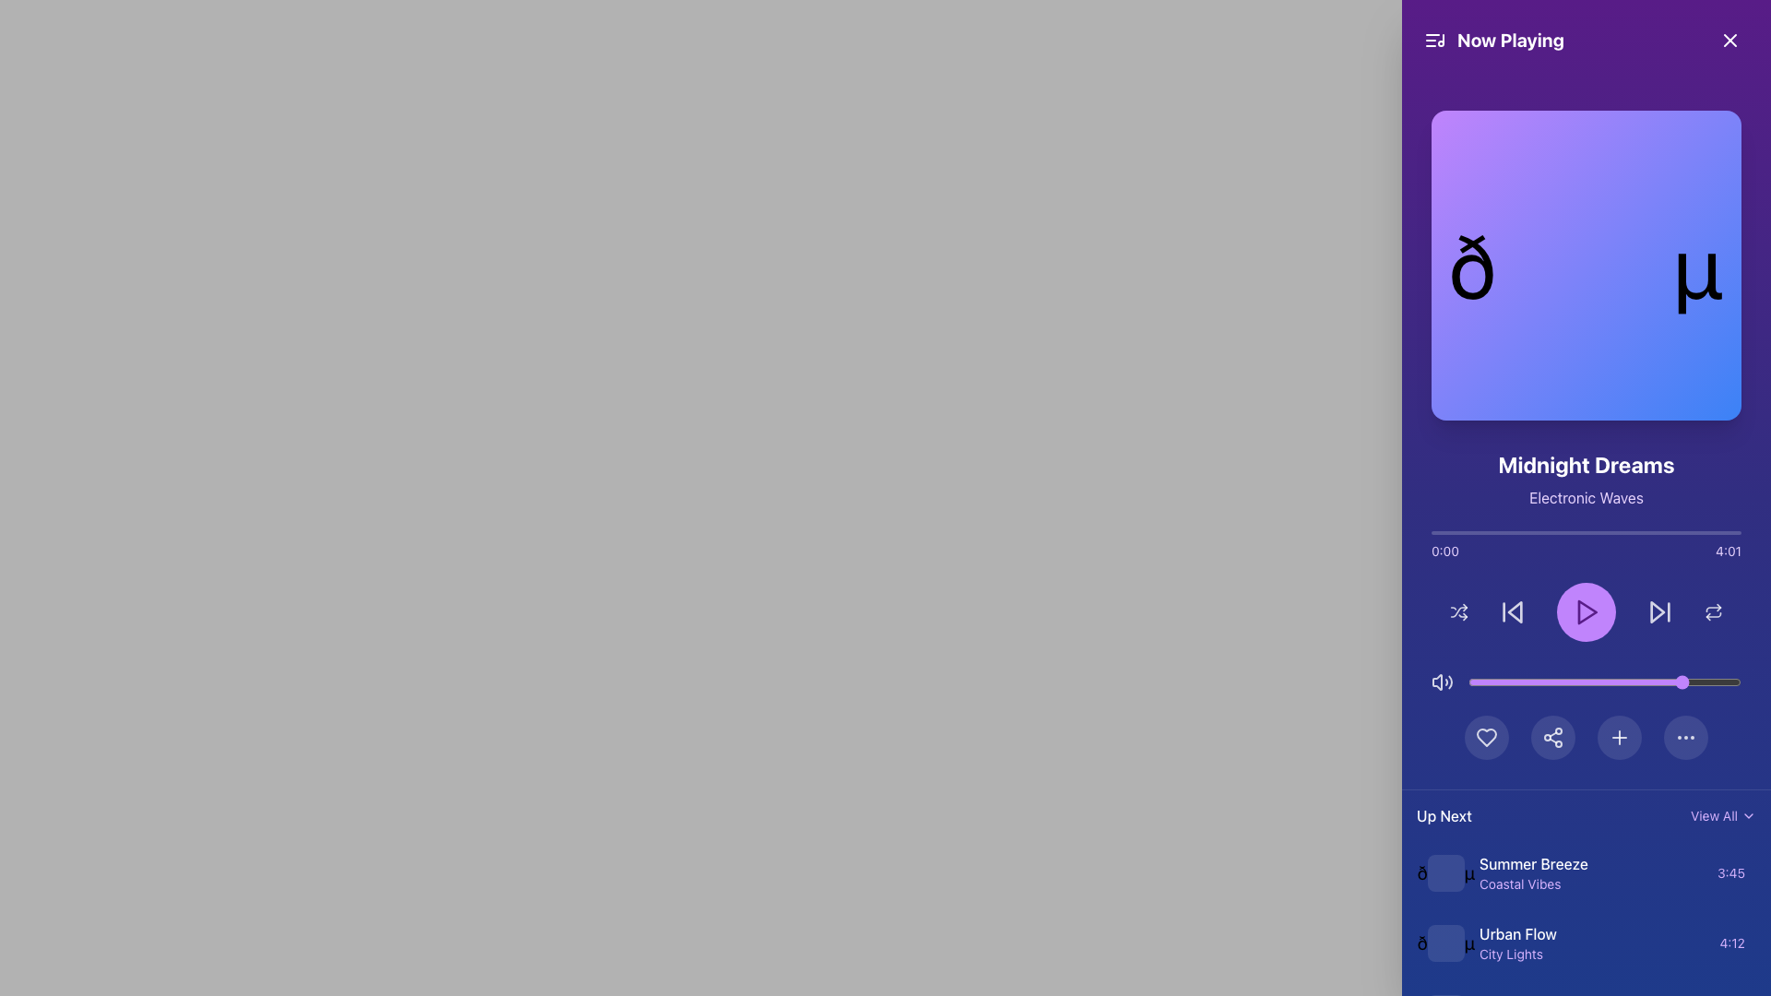 This screenshot has height=996, width=1771. What do you see at coordinates (1585, 611) in the screenshot?
I see `the triangular play button icon with a purple background located in the center of the music playback control section to play the track` at bounding box center [1585, 611].